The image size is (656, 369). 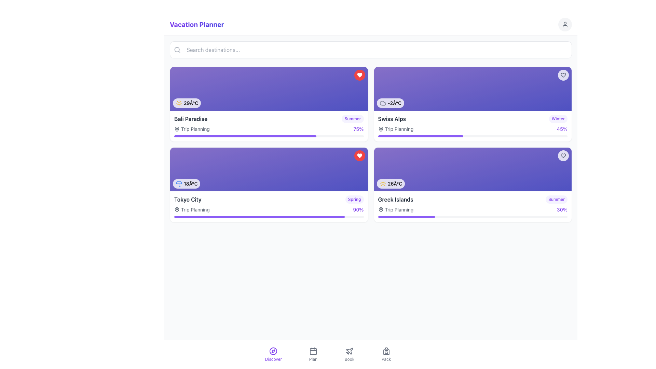 What do you see at coordinates (177, 50) in the screenshot?
I see `the surrounding input field by interacting with the circular magnifying glass icon located inside the search bar, positioned at the top of the interface, to the left of the placeholder text 'Search destinations...'` at bounding box center [177, 50].